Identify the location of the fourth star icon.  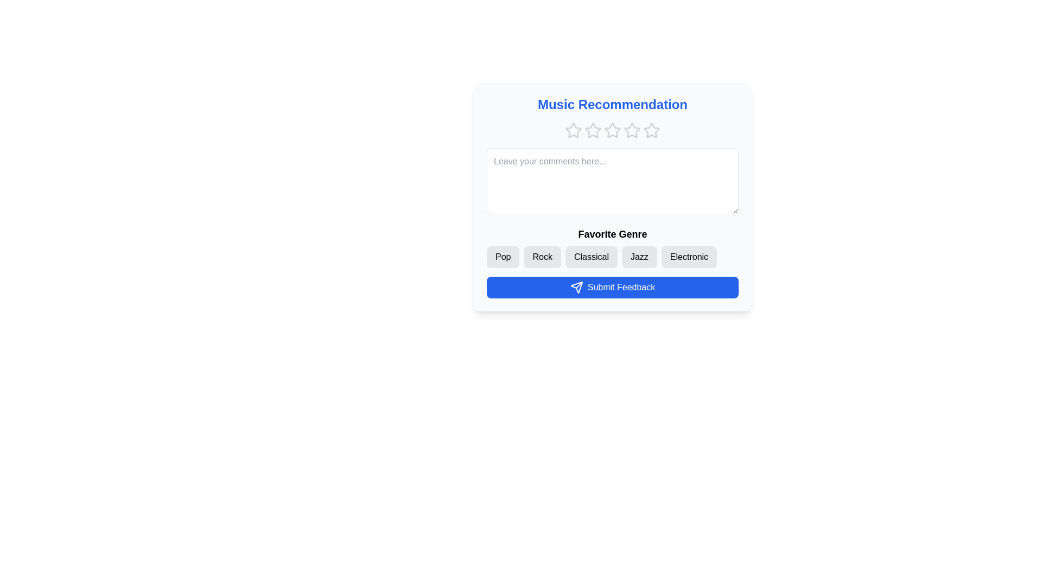
(612, 130).